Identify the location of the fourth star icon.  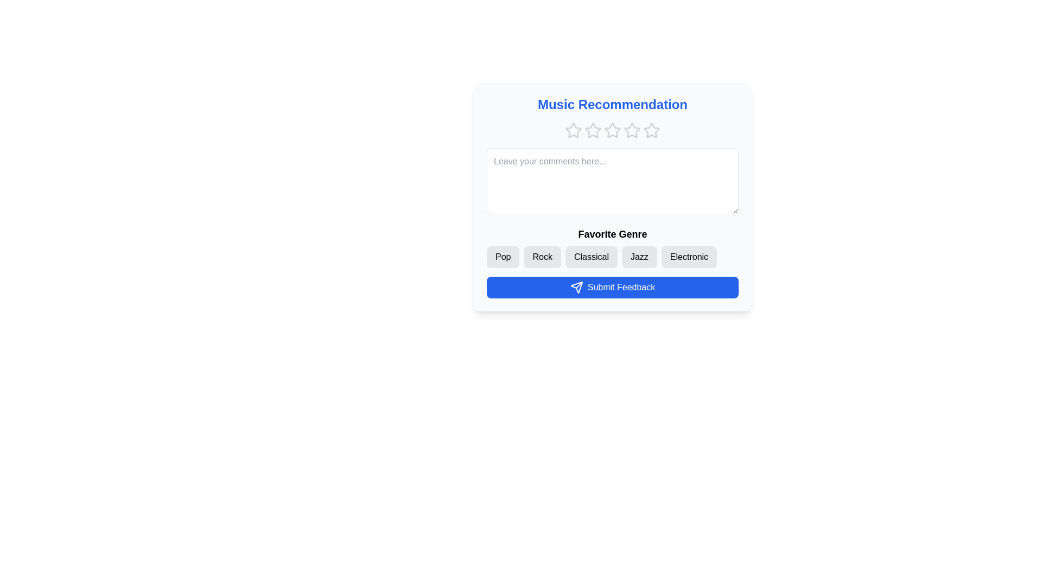
(612, 130).